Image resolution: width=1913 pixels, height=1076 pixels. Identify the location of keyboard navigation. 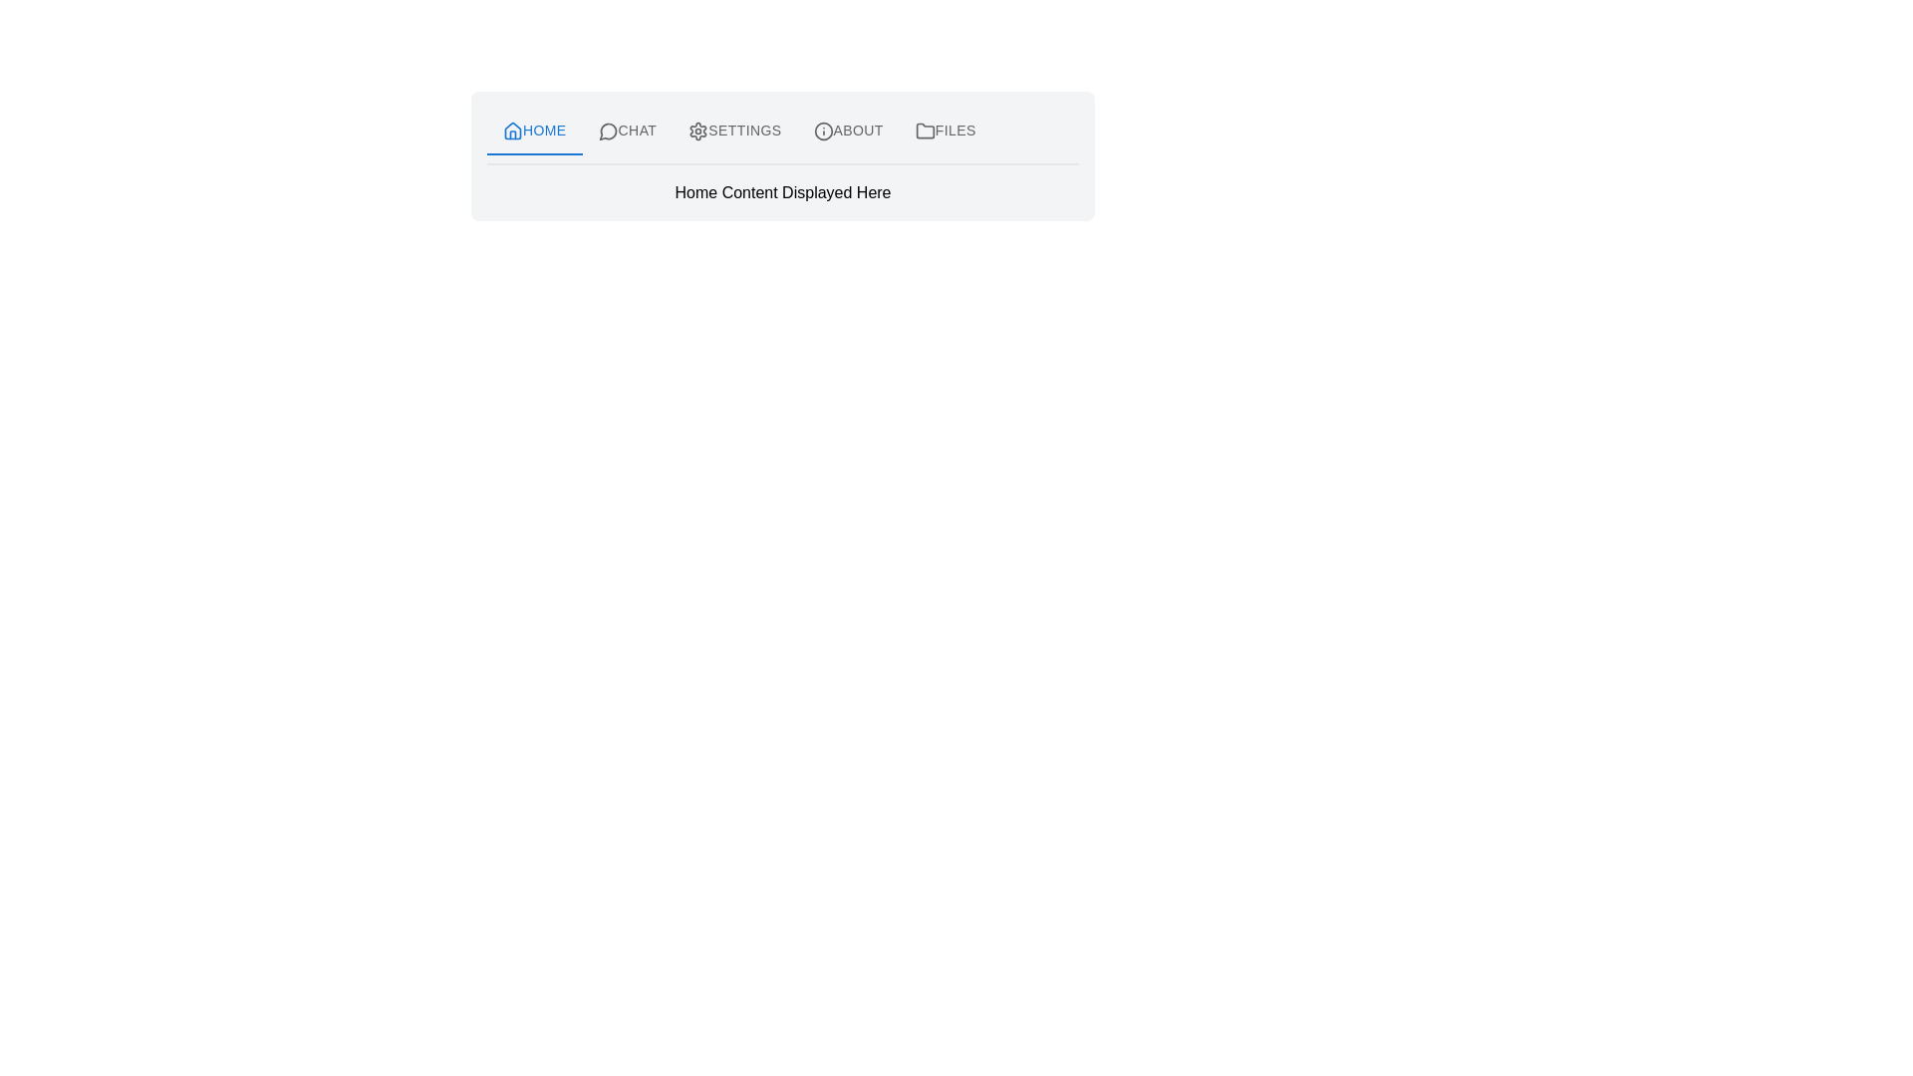
(626, 131).